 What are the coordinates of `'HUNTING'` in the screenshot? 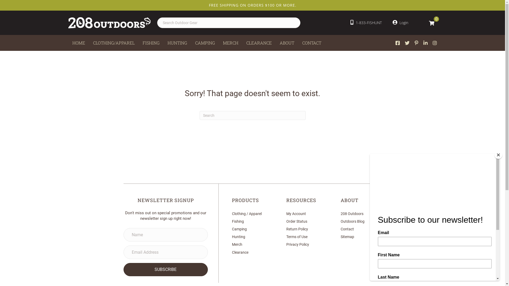 It's located at (177, 43).